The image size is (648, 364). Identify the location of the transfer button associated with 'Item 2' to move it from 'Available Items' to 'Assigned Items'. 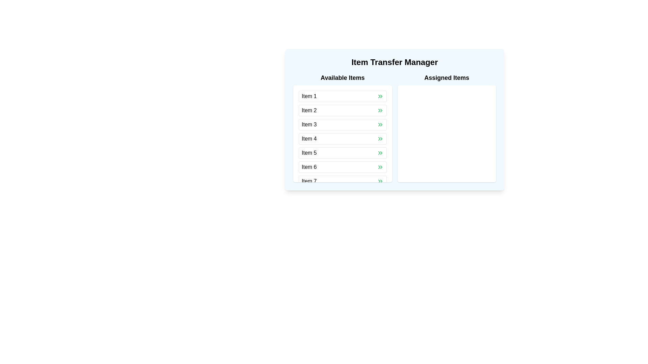
(380, 110).